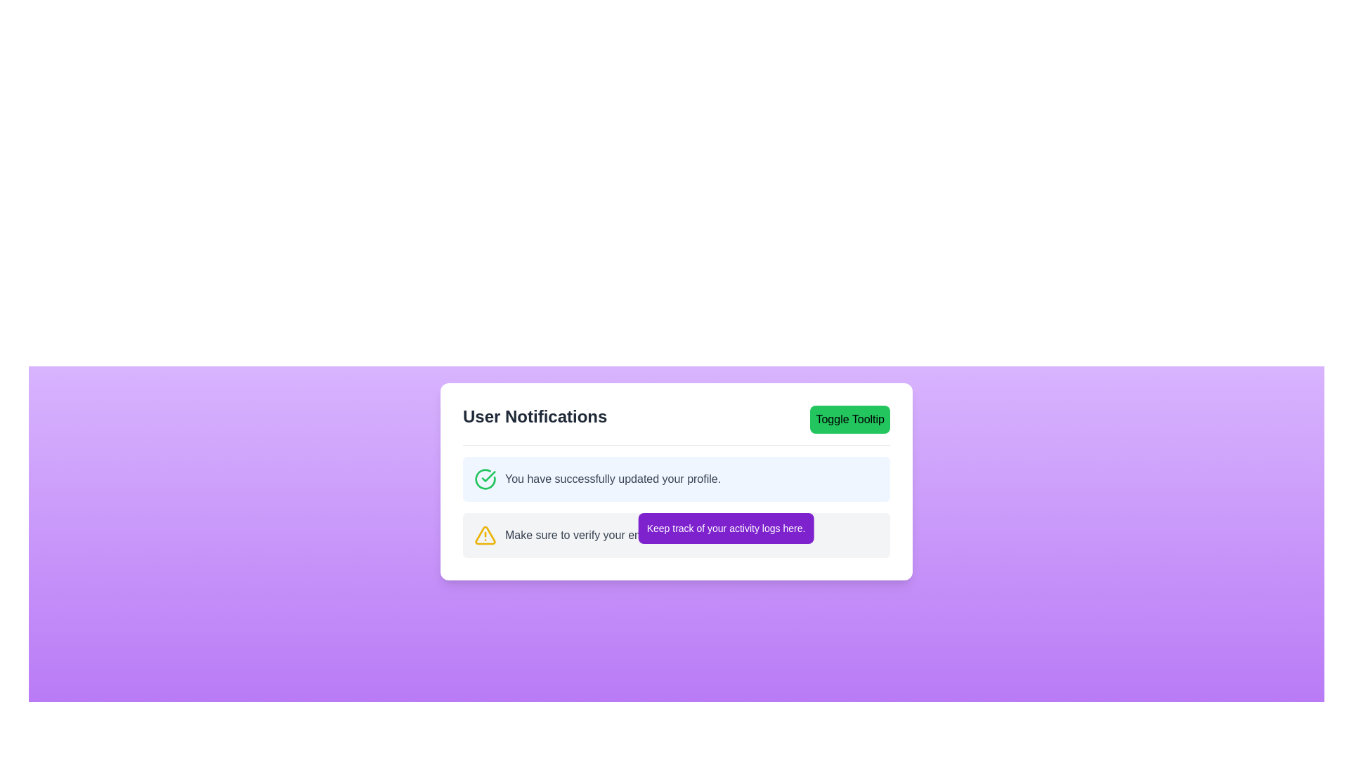 The width and height of the screenshot is (1349, 758). Describe the element at coordinates (726, 528) in the screenshot. I see `the Tooltip that displays contextual information related to activity logs, located to the right of the warning icon and the text 'Make sure to verify your email address.'` at that location.